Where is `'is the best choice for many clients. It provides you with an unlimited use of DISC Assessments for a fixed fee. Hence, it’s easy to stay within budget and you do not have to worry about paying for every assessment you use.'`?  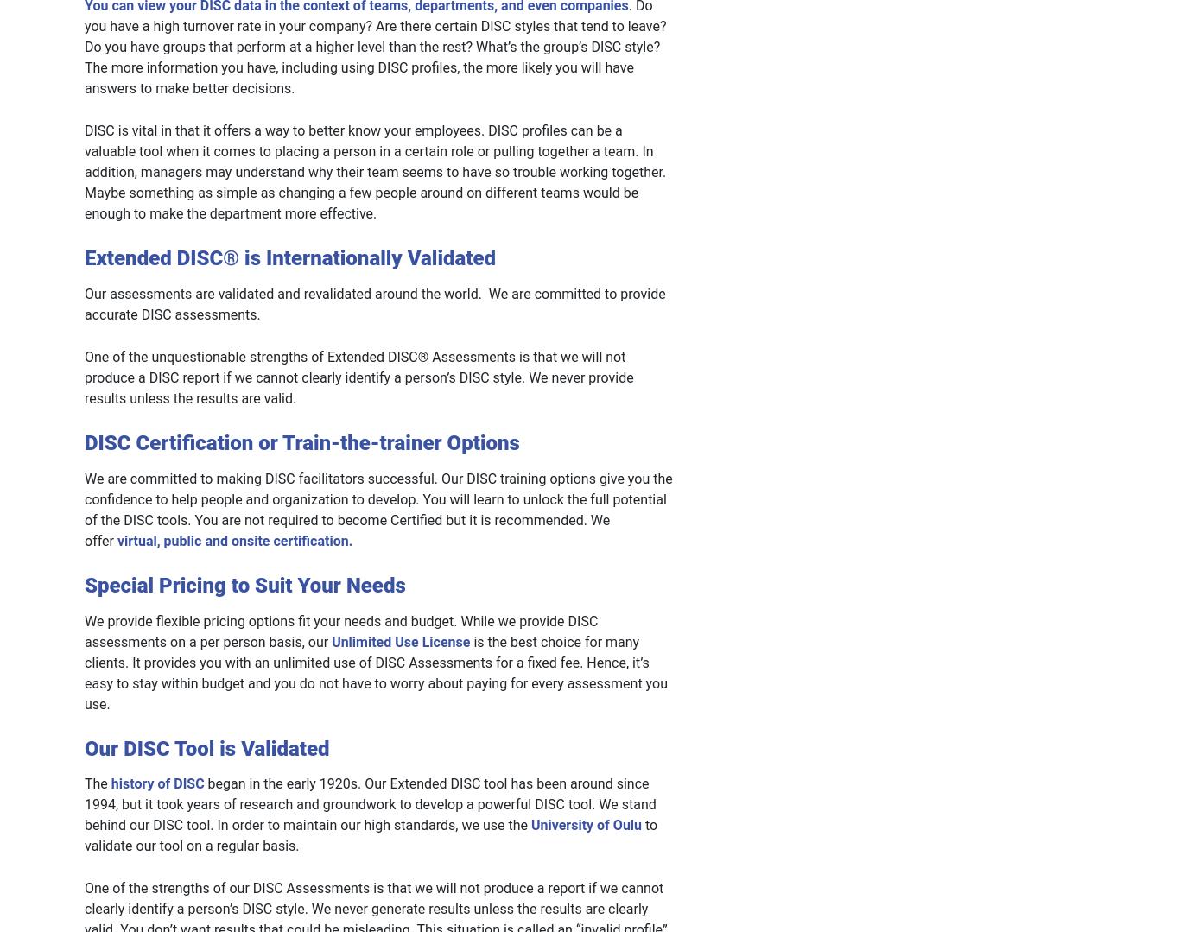
'is the best choice for many clients. It provides you with an unlimited use of DISC Assessments for a fixed fee. Hence, it’s easy to stay within budget and you do not have to worry about paying for every assessment you use.' is located at coordinates (84, 672).